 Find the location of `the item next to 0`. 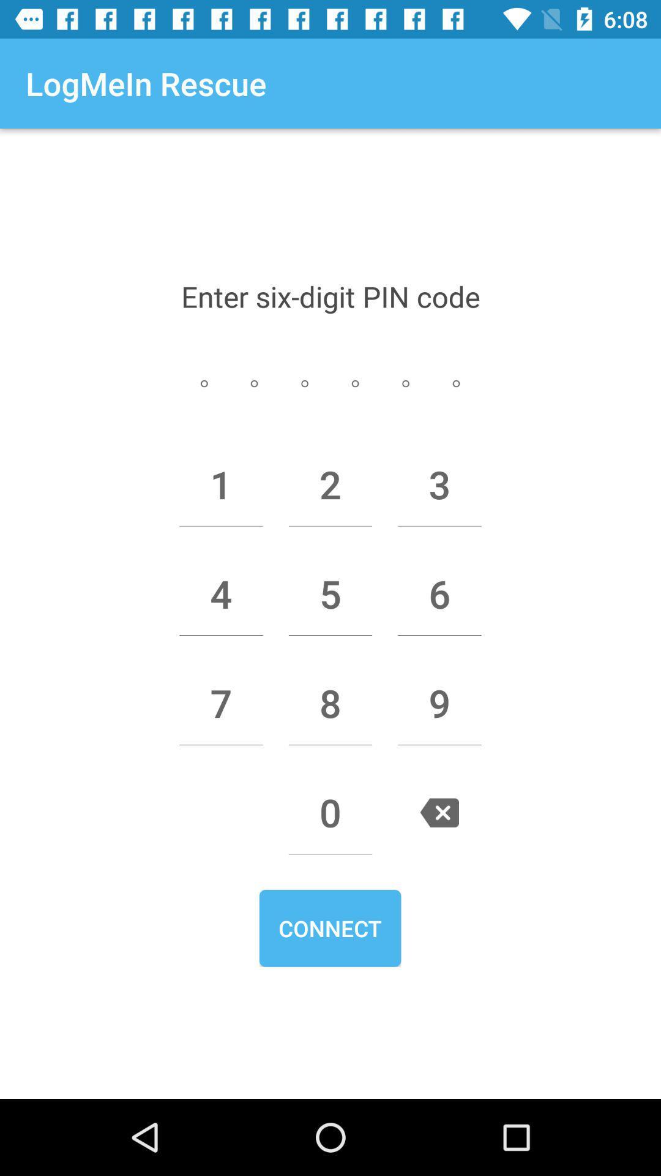

the item next to 0 is located at coordinates (439, 812).